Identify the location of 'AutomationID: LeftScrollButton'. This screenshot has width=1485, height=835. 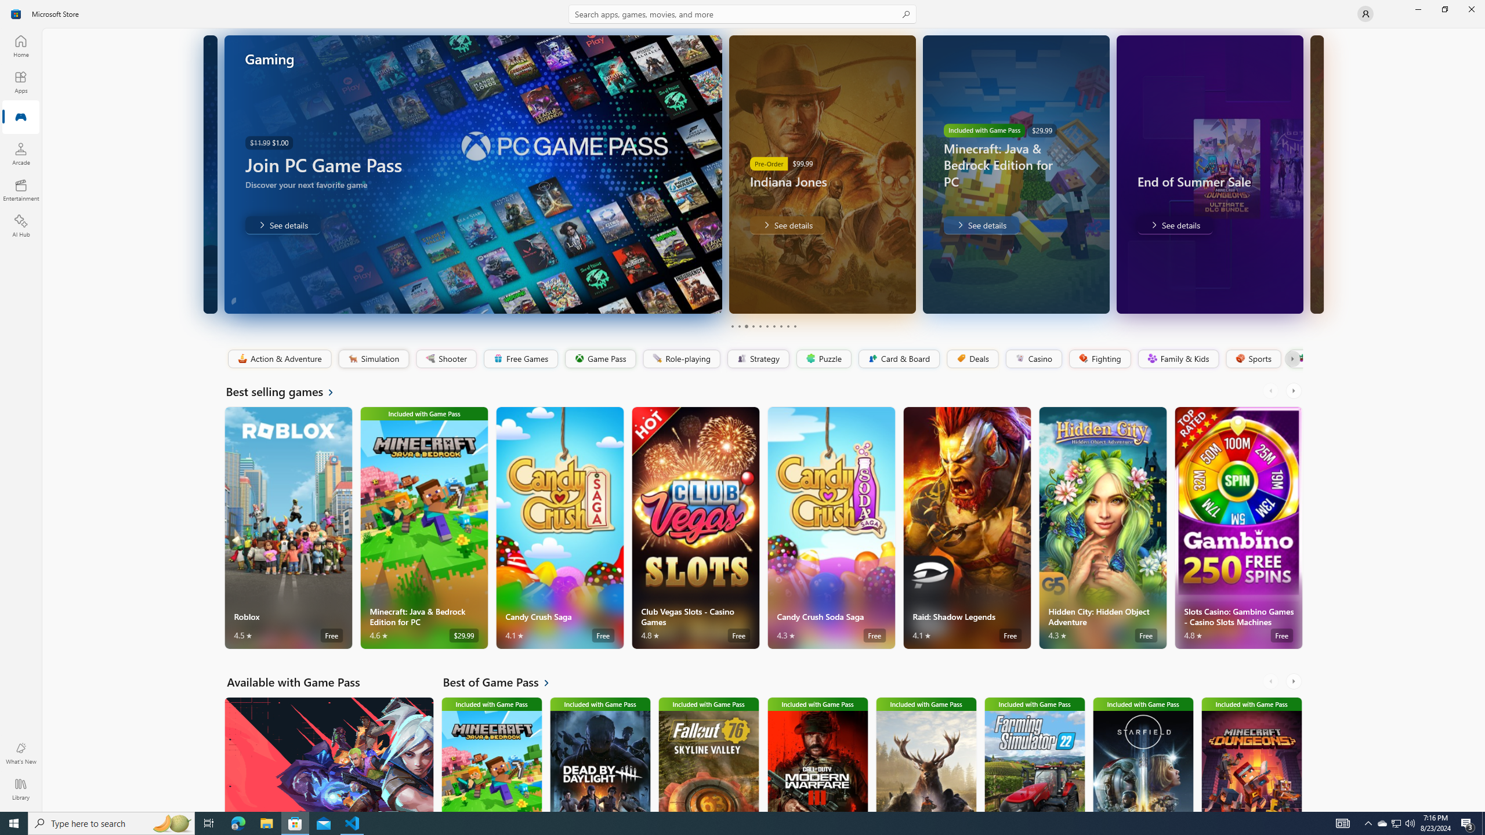
(1272, 681).